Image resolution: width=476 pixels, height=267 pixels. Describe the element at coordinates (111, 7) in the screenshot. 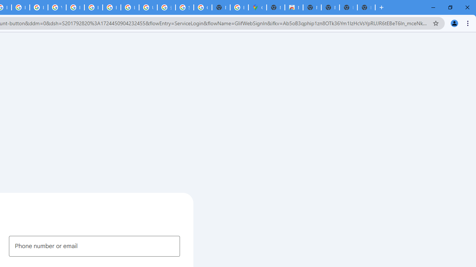

I see `'Browse Chrome as a guest - Computer - Google Chrome Help'` at that location.